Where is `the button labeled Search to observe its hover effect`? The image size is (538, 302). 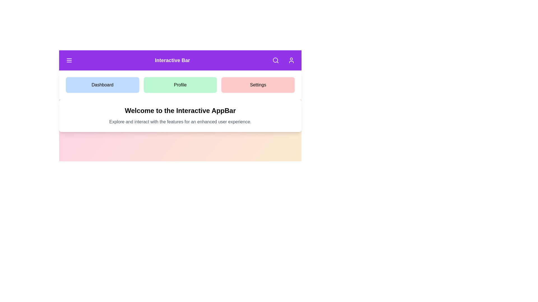
the button labeled Search to observe its hover effect is located at coordinates (275, 60).